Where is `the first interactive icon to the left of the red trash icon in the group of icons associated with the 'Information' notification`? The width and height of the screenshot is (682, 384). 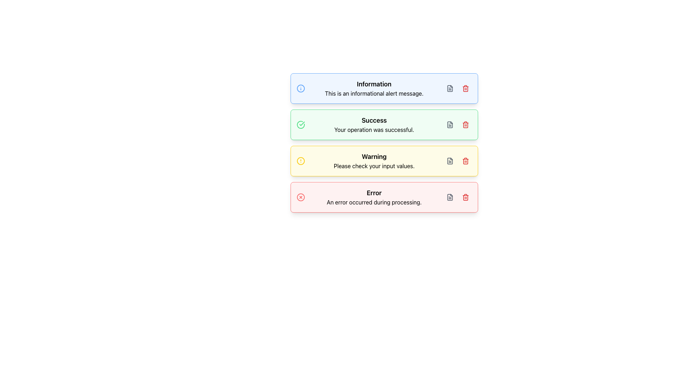
the first interactive icon to the left of the red trash icon in the group of icons associated with the 'Information' notification is located at coordinates (449, 88).